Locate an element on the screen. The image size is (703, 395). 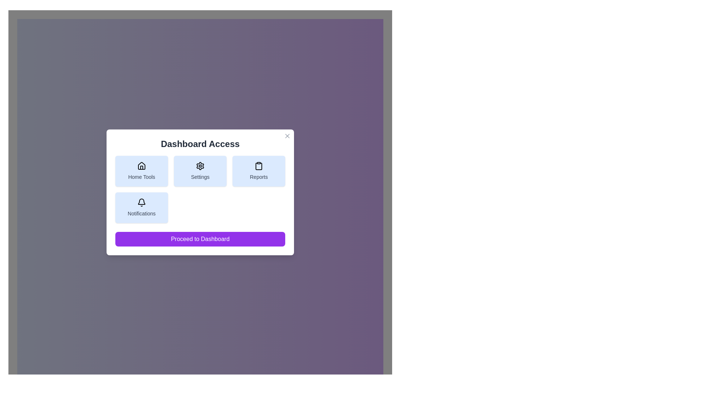
the Grid of Buttons is located at coordinates (200, 189).